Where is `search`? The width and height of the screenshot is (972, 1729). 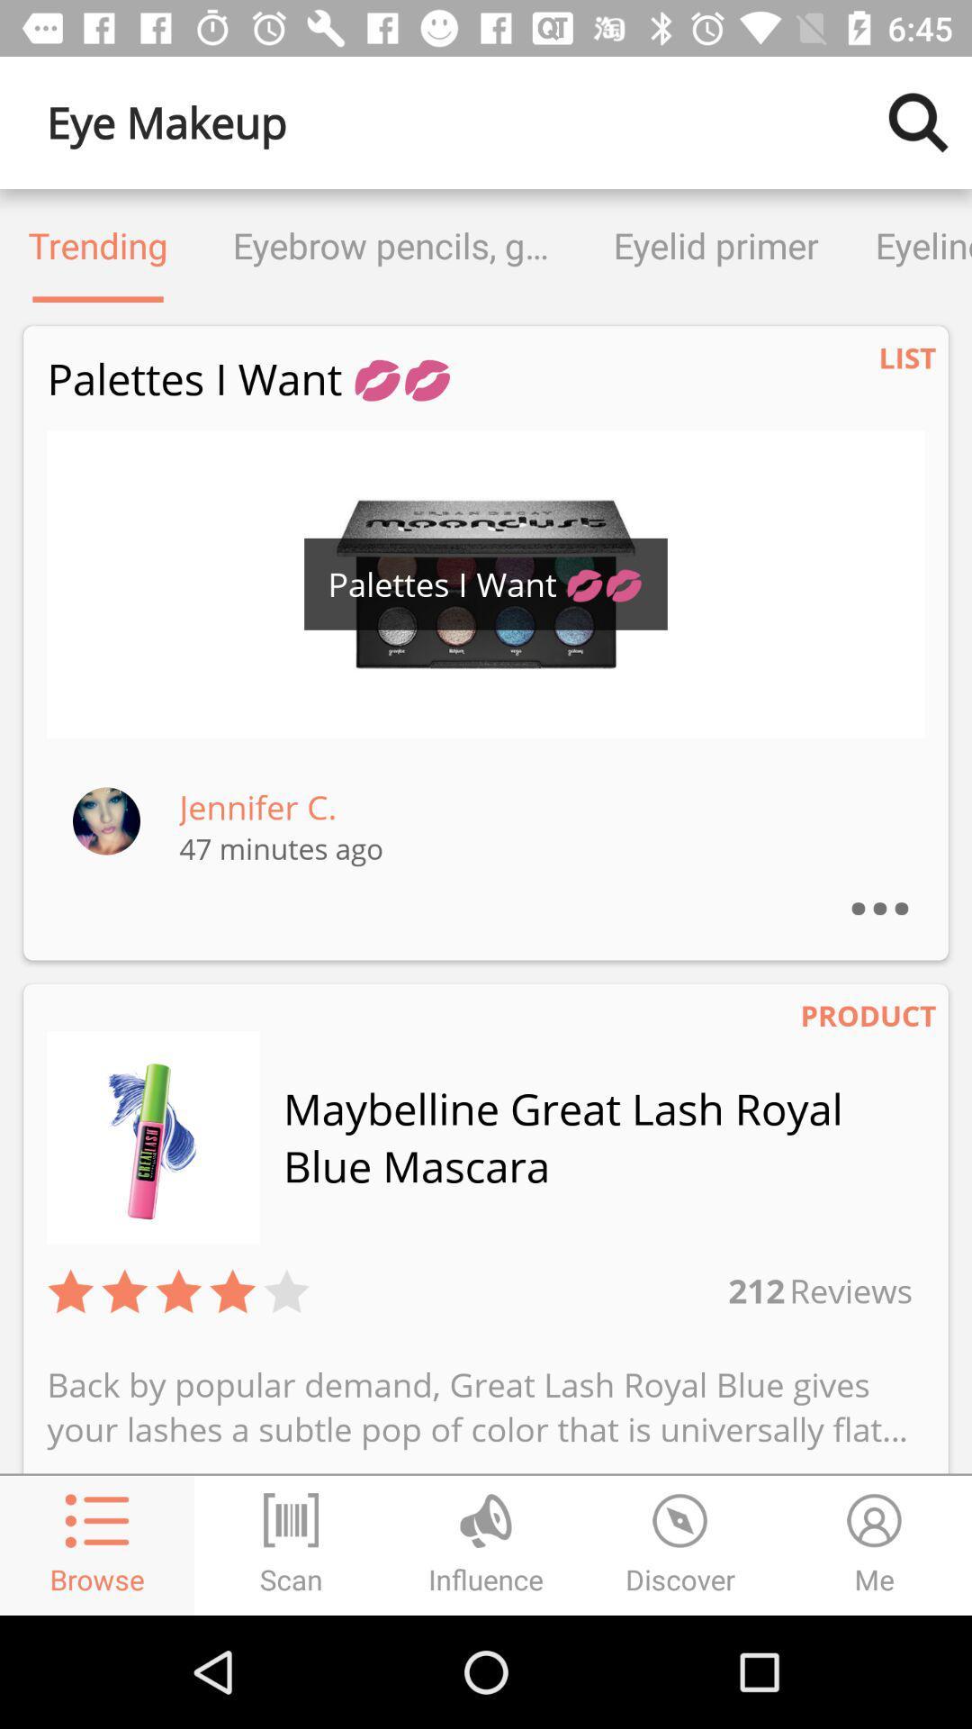 search is located at coordinates (918, 122).